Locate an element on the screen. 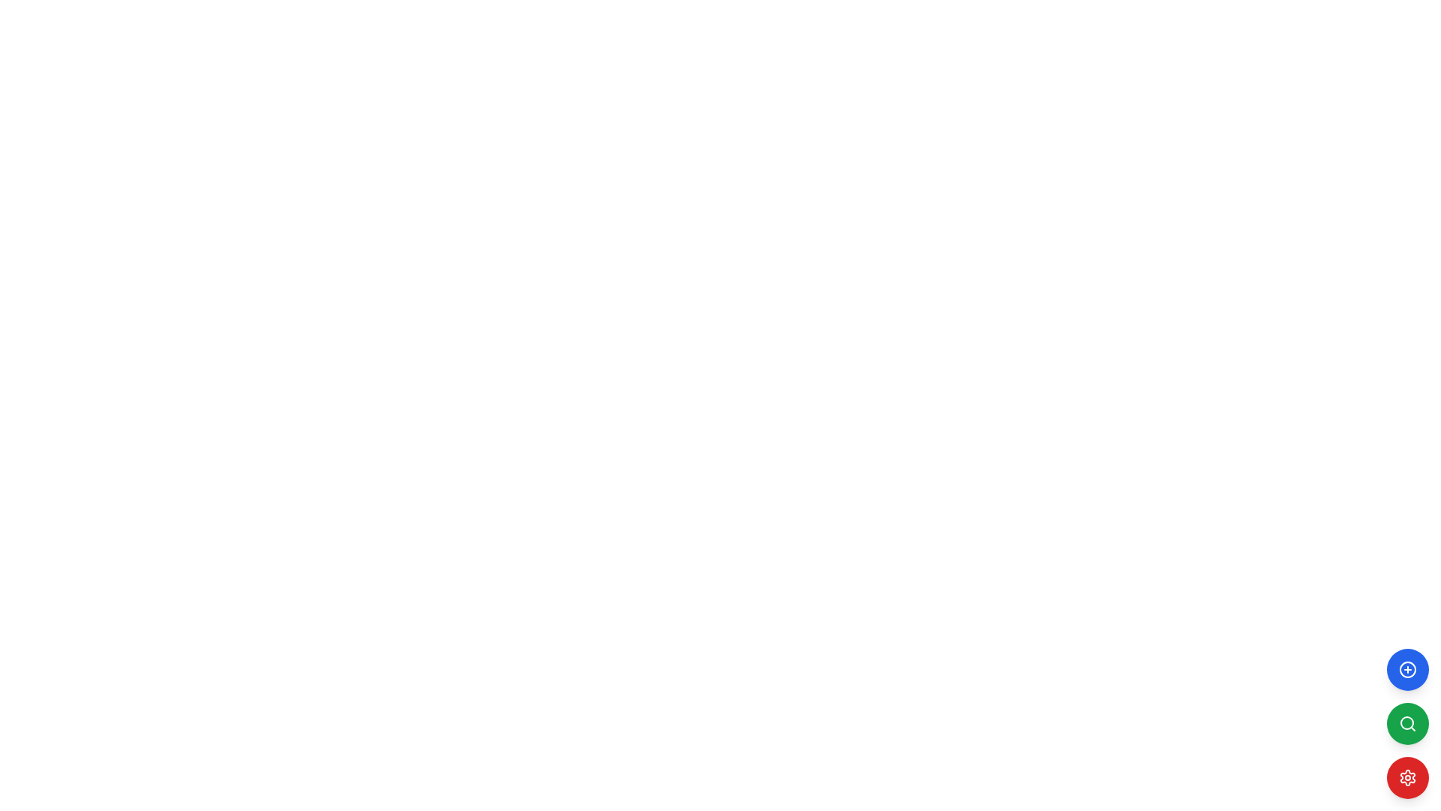 The height and width of the screenshot is (811, 1441). the cogwheel icon button, which is the bottom-most item in a vertical stack of three circular buttons is located at coordinates (1407, 777).